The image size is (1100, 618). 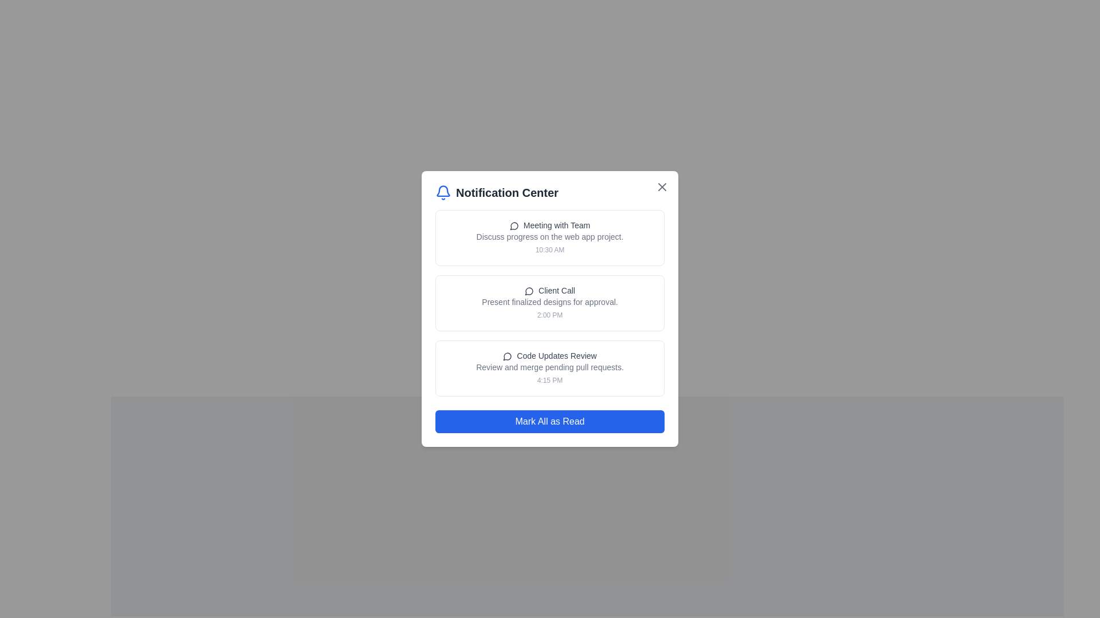 I want to click on the Text Label that serves as the title of the notification panel, located to the right of a blue bell icon, so click(x=506, y=192).